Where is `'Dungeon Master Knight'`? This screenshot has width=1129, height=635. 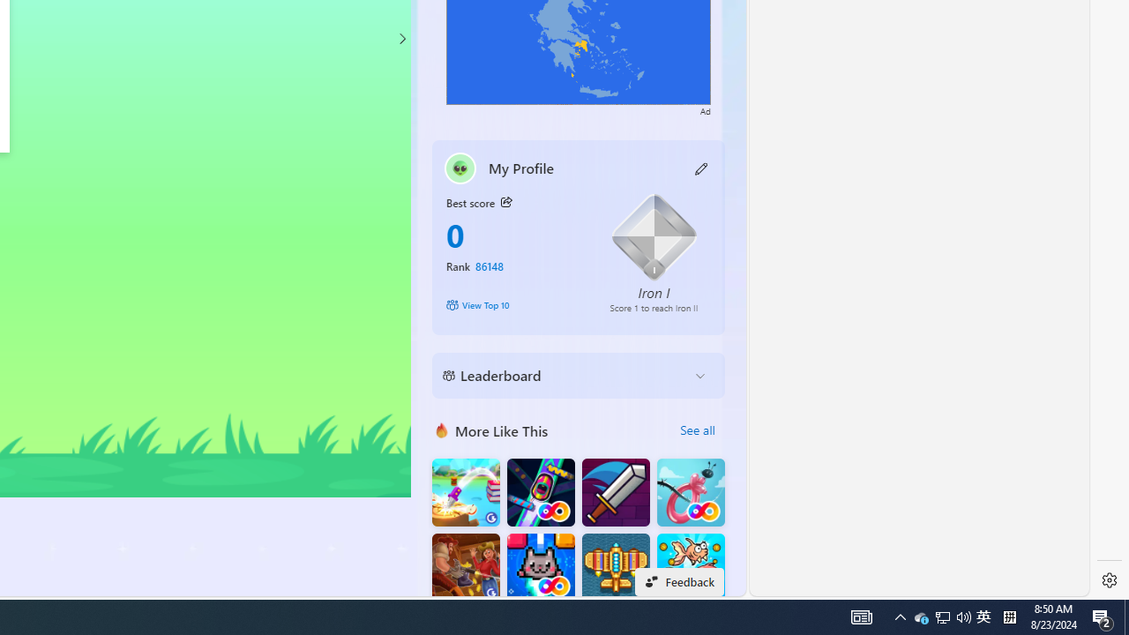
'Dungeon Master Knight' is located at coordinates (616, 492).